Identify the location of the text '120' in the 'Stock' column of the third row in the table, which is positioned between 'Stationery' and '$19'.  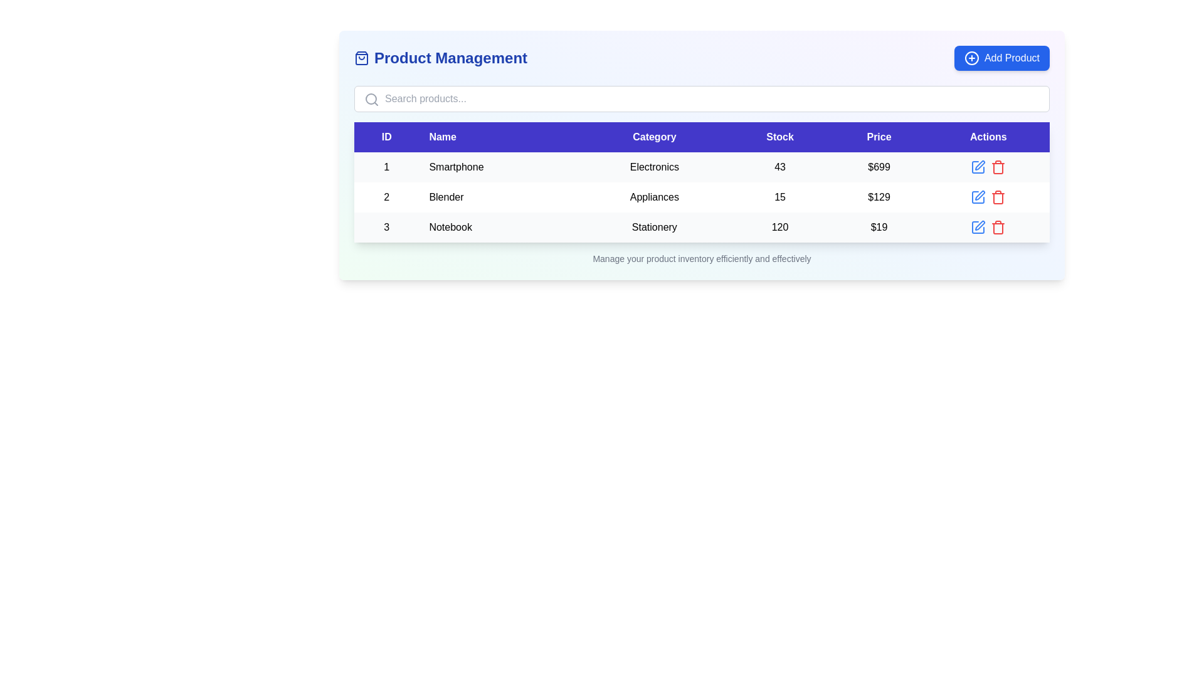
(779, 227).